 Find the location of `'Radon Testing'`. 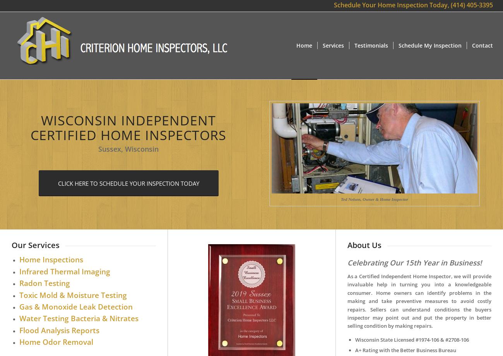

'Radon Testing' is located at coordinates (44, 283).